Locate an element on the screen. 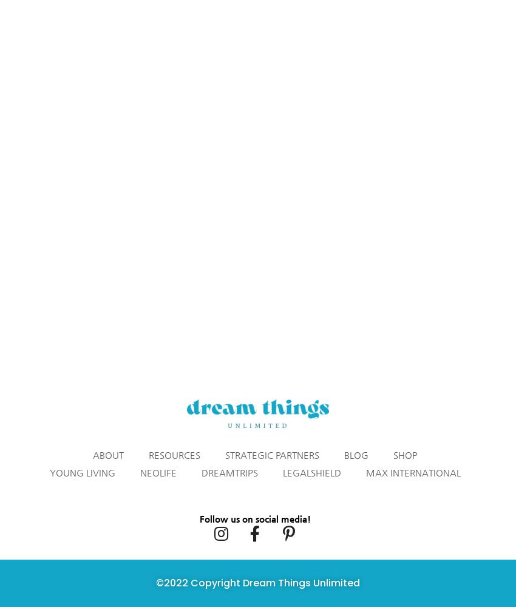 This screenshot has width=516, height=607. 'SHOP' is located at coordinates (404, 453).